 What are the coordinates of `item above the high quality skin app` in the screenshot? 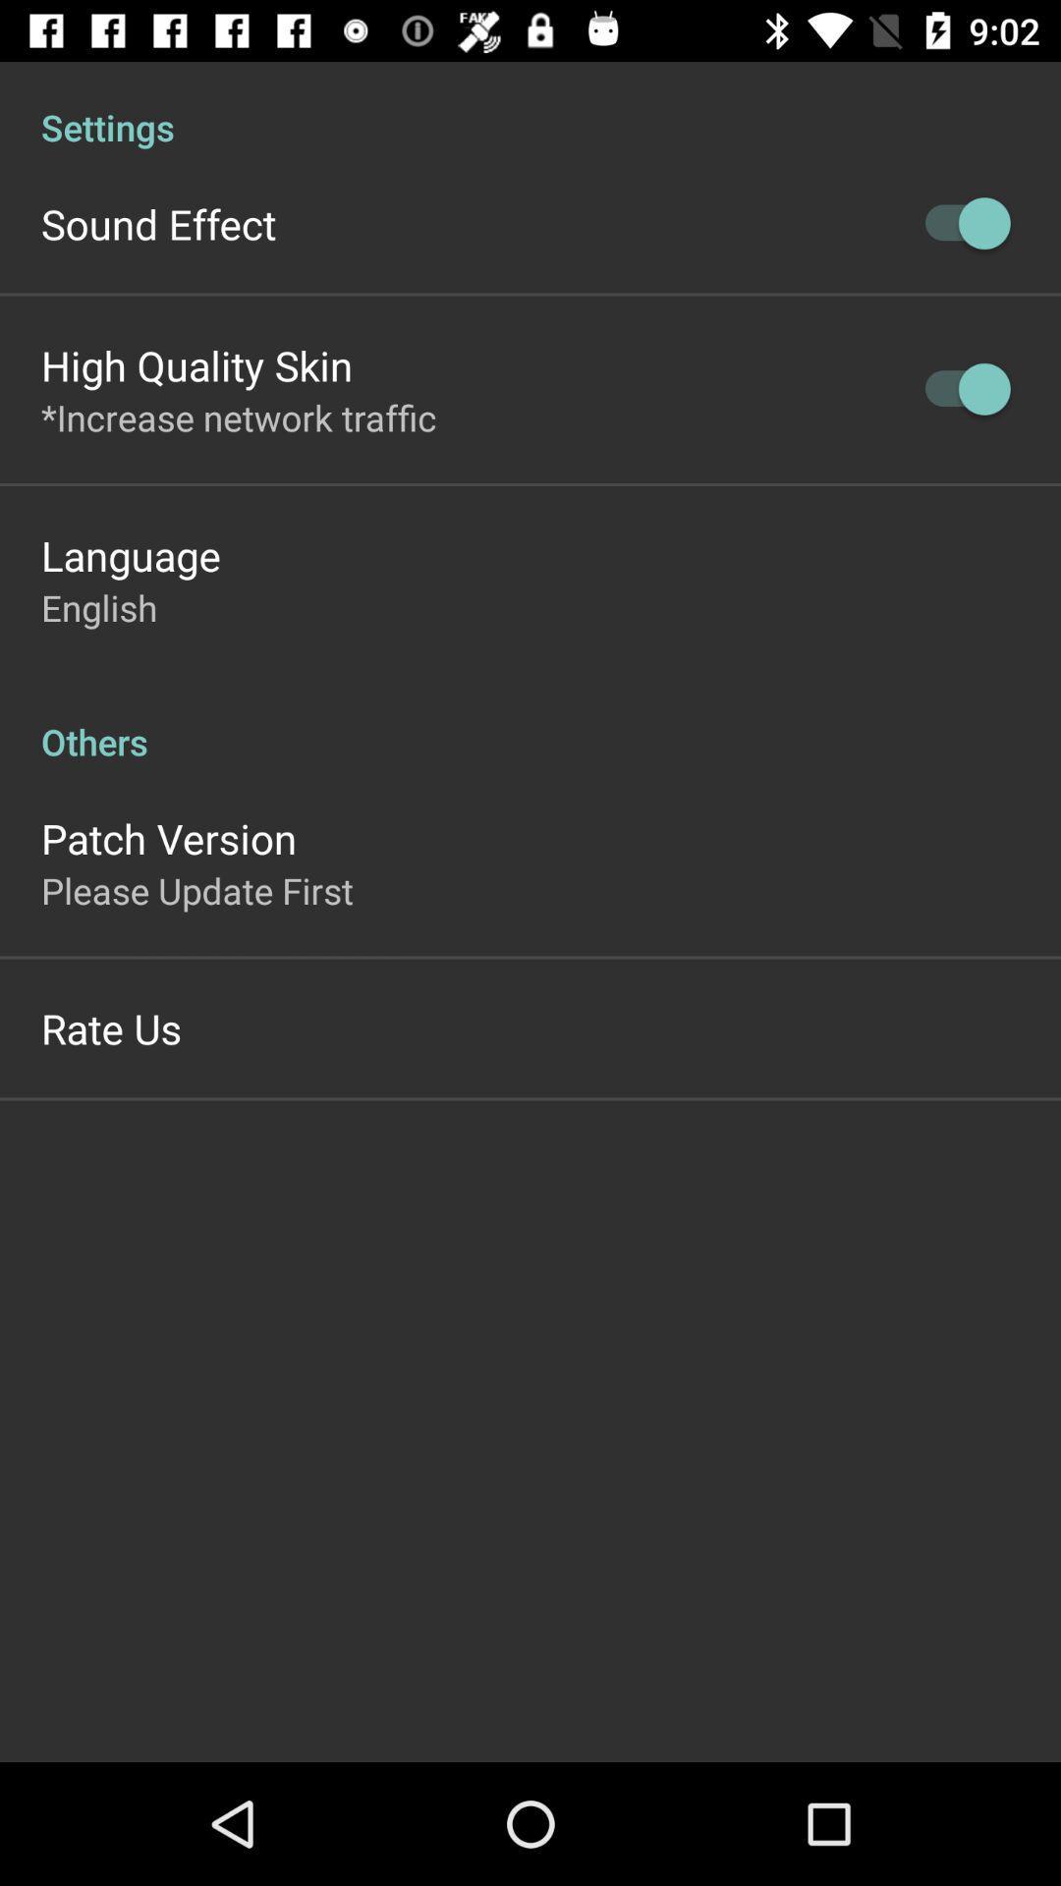 It's located at (157, 224).